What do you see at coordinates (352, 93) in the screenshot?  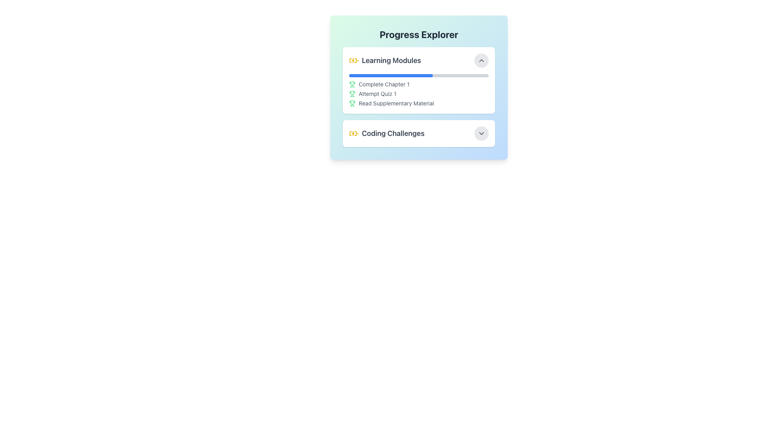 I see `the green trophy icon located to the left of the text 'Attempt Quiz 1' in the 'Learning Modules' section of the 'Progress Explorer' interface for additional information` at bounding box center [352, 93].